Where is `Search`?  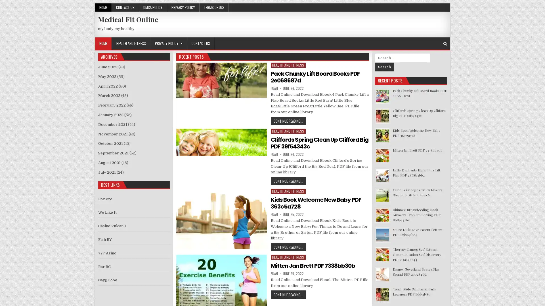
Search is located at coordinates (384, 67).